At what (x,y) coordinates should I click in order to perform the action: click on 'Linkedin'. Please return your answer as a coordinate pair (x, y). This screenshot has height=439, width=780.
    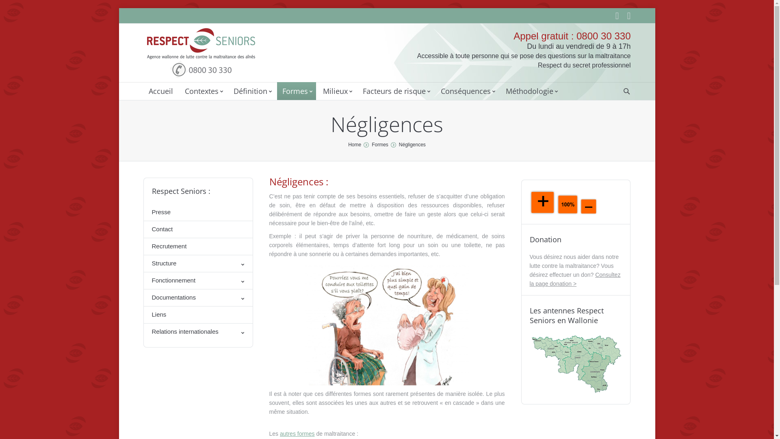
    Looking at the image, I should click on (613, 16).